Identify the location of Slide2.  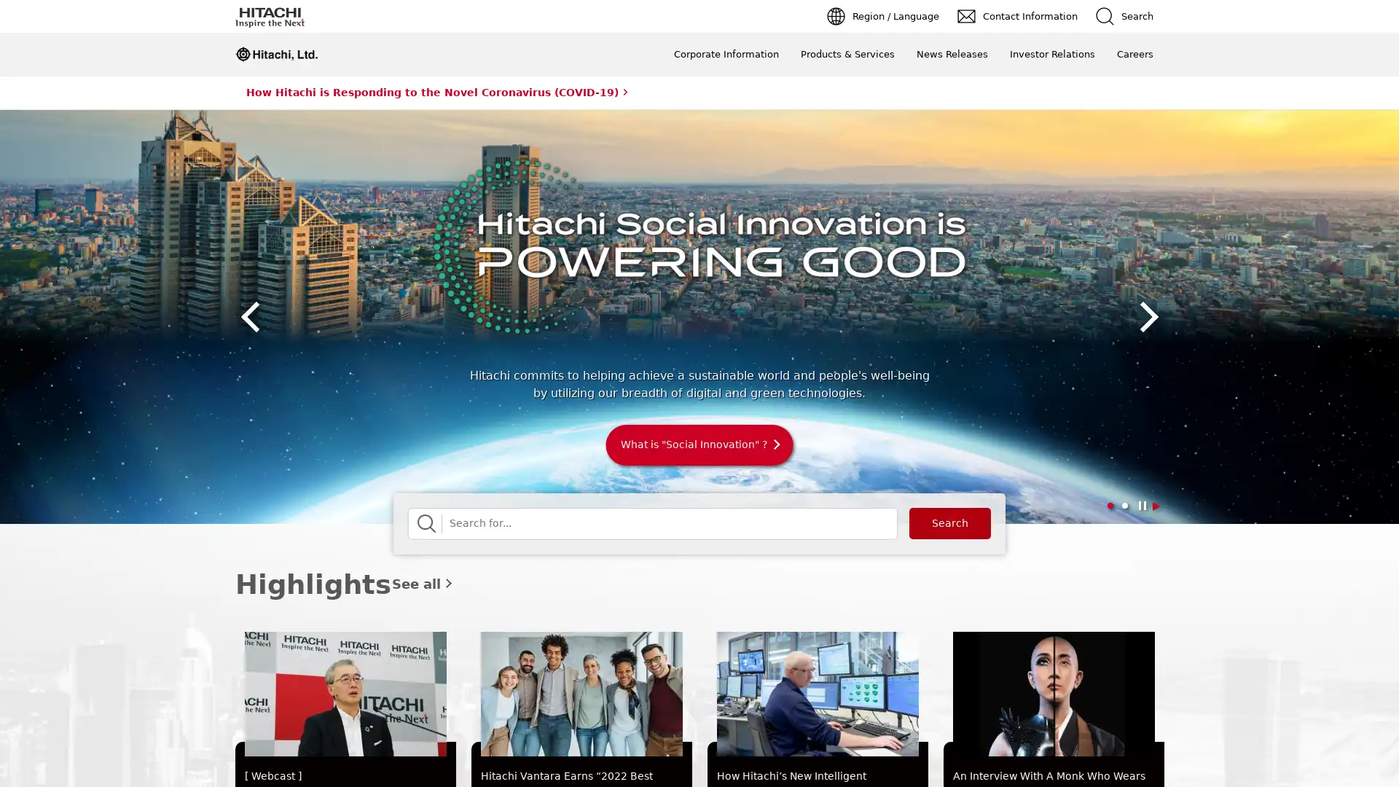
(1123, 505).